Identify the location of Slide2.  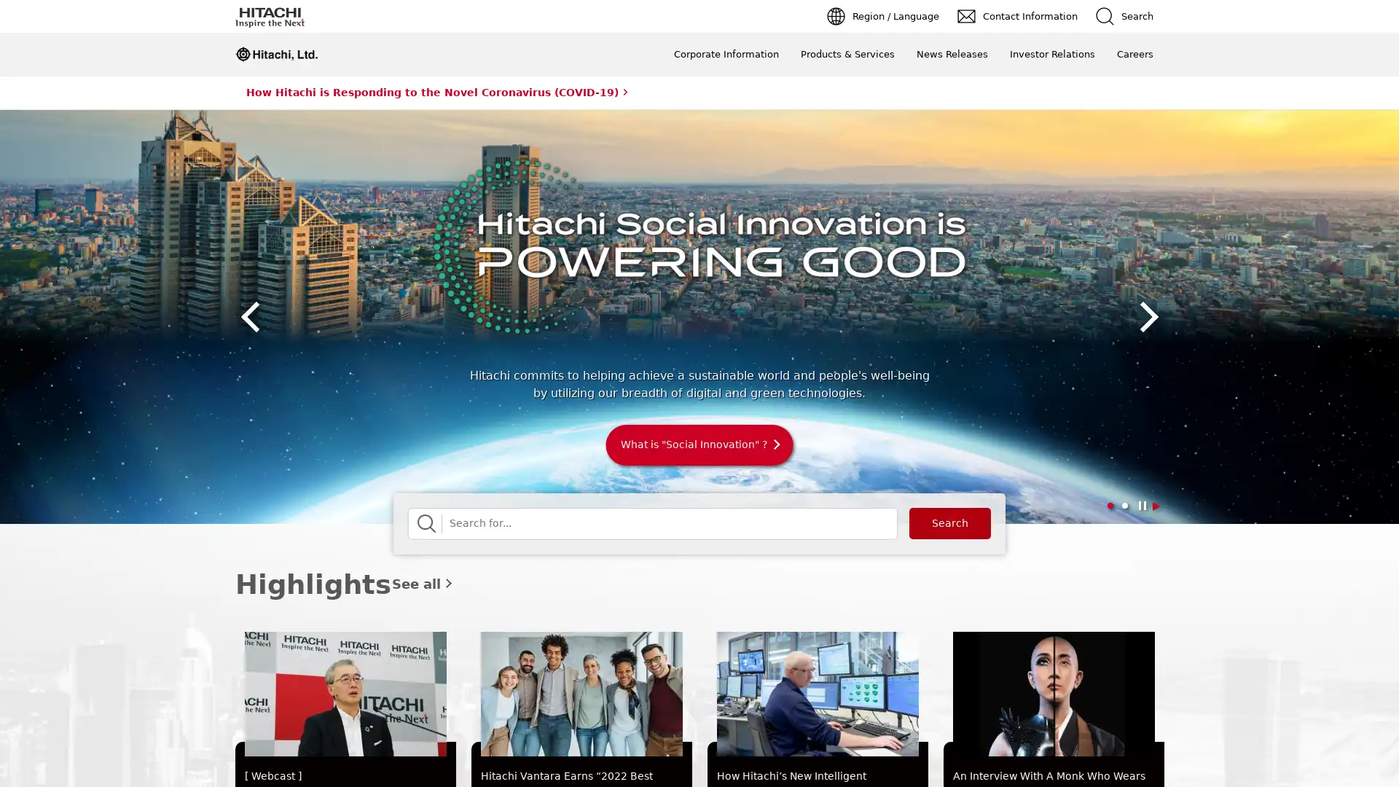
(1123, 505).